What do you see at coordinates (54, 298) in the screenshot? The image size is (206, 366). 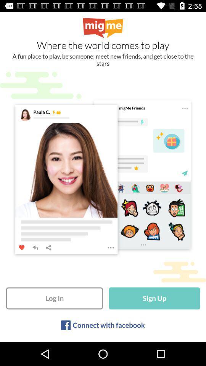 I see `log in` at bounding box center [54, 298].